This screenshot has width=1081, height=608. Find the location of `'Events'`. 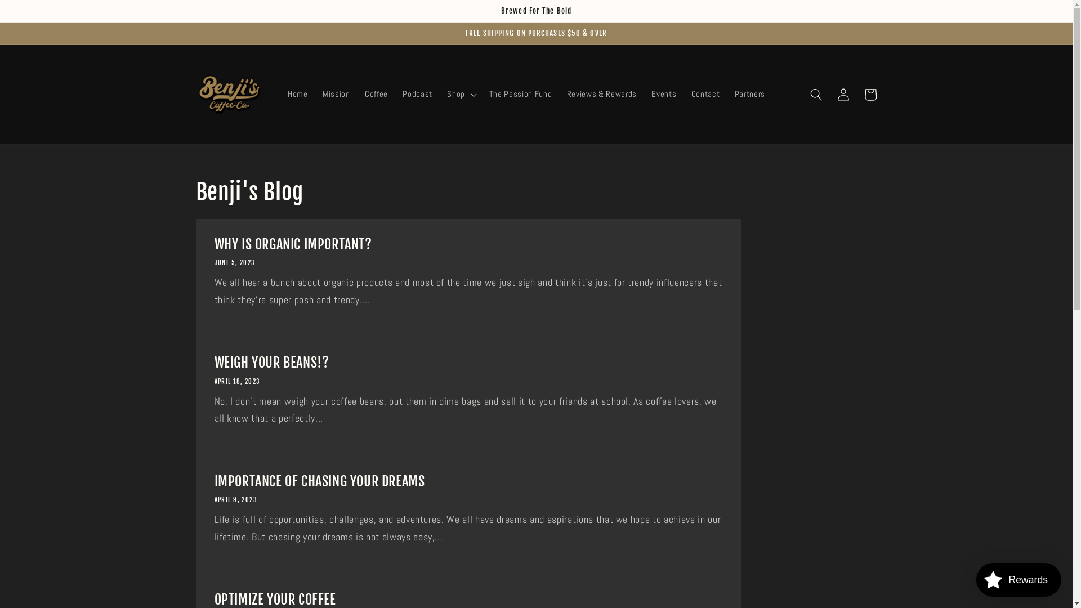

'Events' is located at coordinates (664, 94).